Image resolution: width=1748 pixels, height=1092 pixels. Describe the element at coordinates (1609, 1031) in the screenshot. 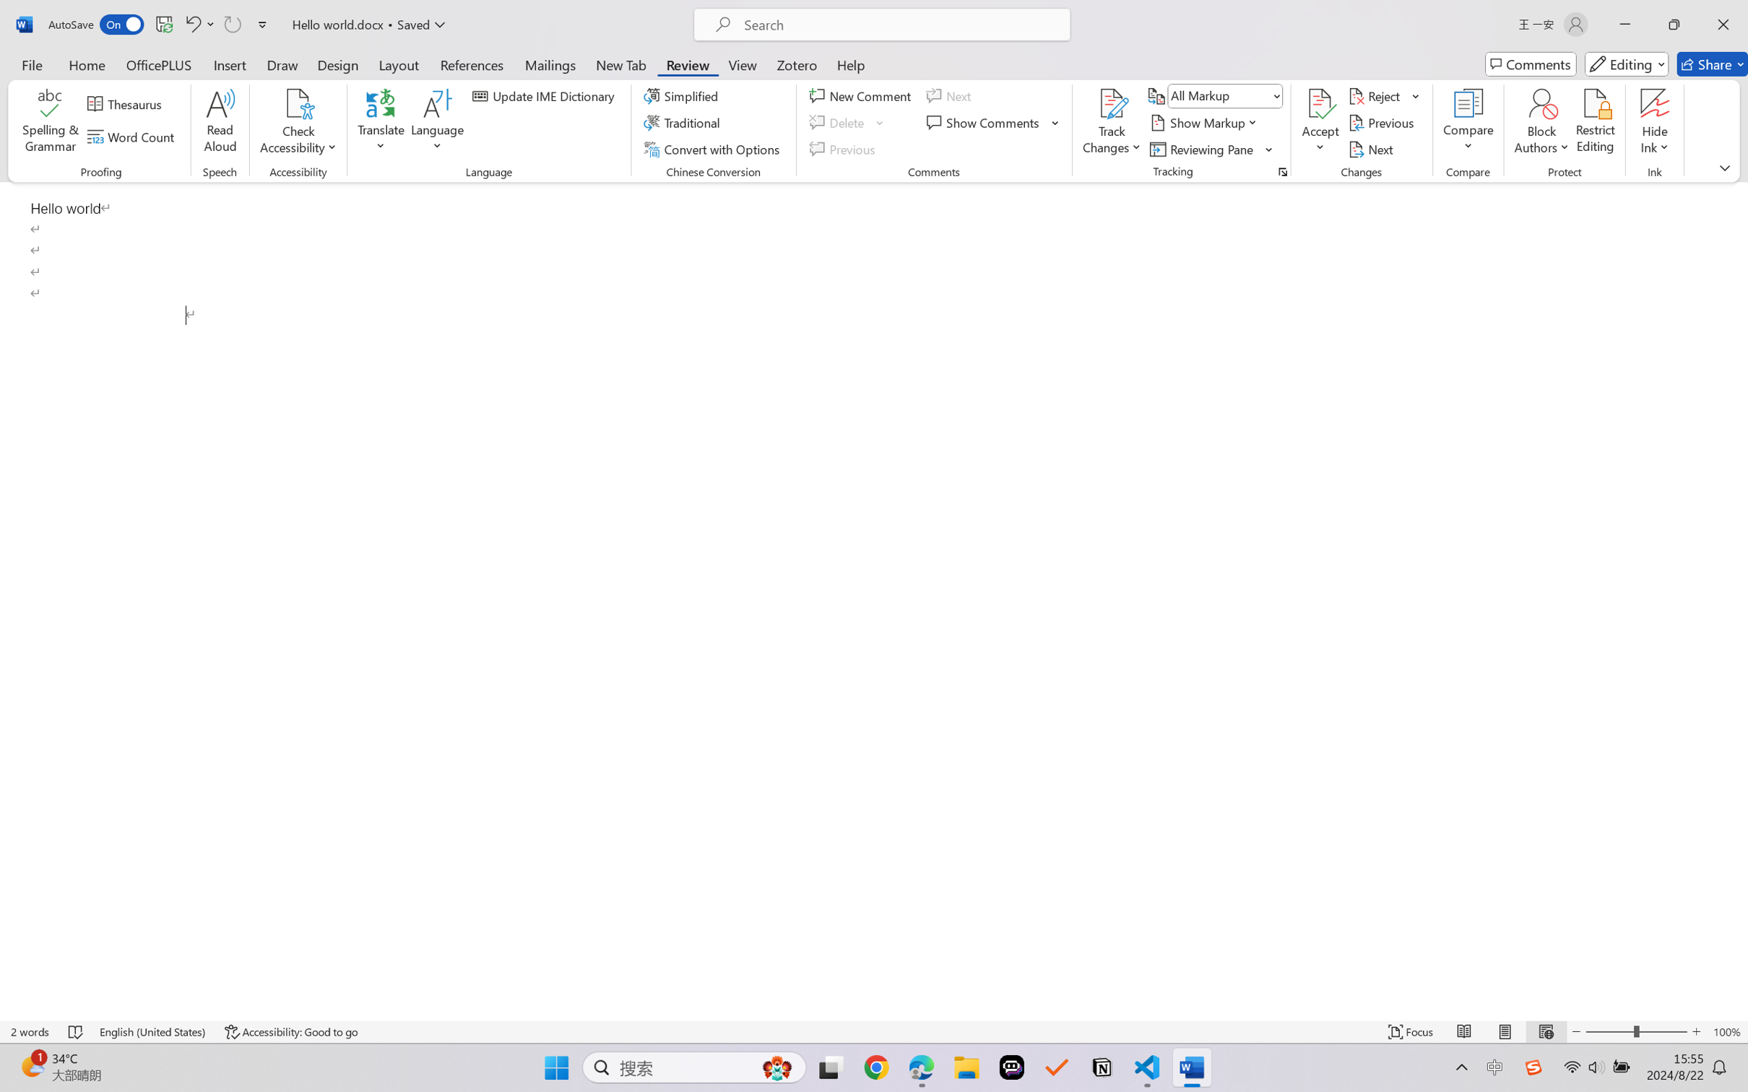

I see `'Zoom Out'` at that location.